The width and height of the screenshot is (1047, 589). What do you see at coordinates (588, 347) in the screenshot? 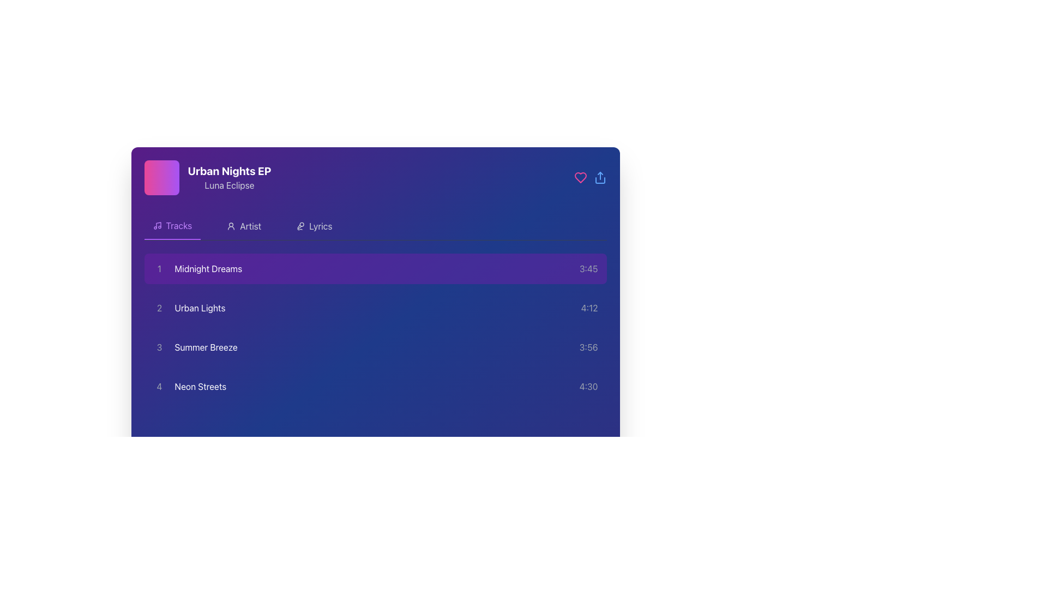
I see `the duration label for the track 'Summer Breeze', located on the right side of the third list item in the track listing interface` at bounding box center [588, 347].